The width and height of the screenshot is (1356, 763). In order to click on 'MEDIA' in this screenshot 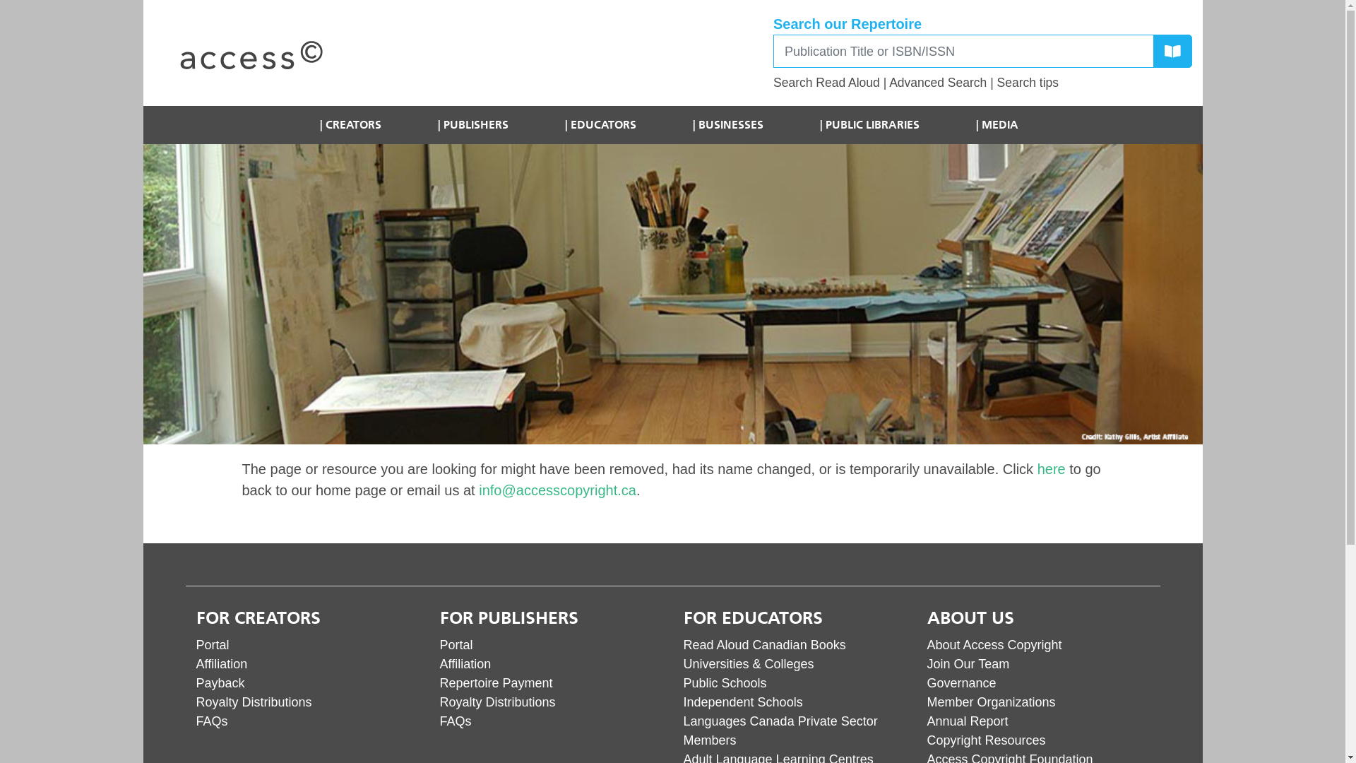, I will do `click(996, 124)`.